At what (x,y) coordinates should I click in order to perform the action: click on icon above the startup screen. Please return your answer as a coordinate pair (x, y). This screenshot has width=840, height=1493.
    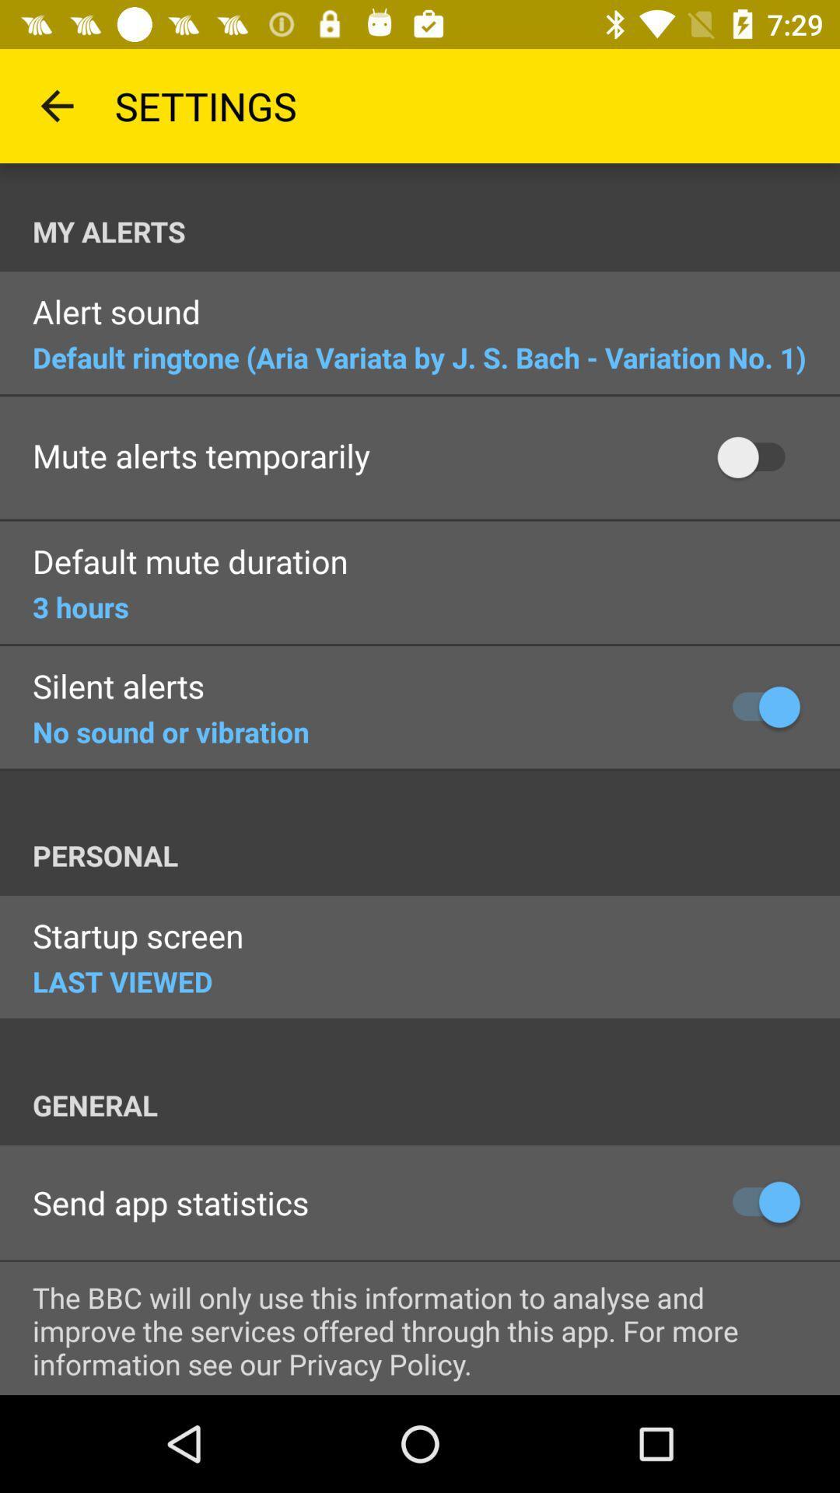
    Looking at the image, I should click on (436, 855).